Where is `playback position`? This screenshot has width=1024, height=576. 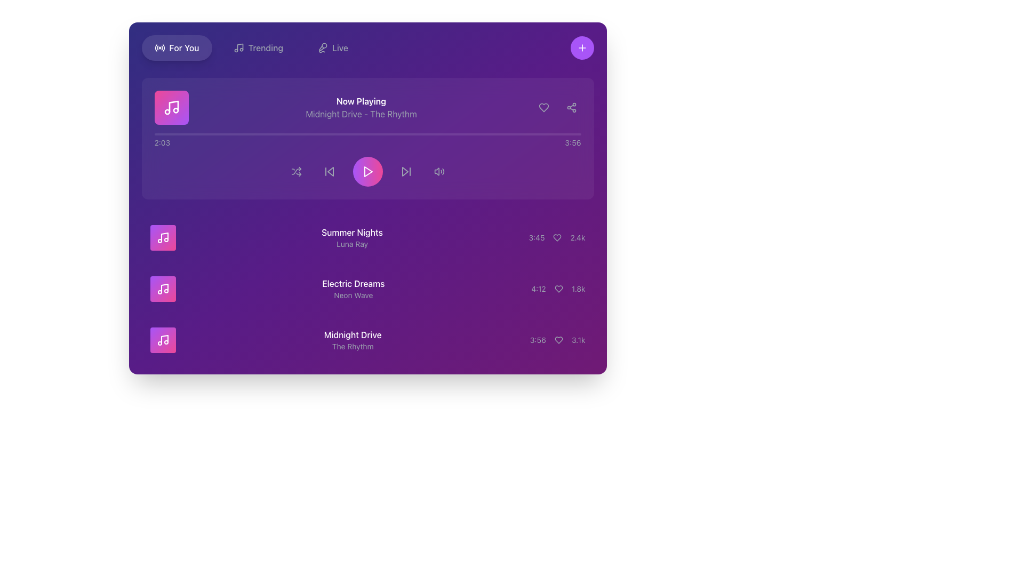 playback position is located at coordinates (436, 133).